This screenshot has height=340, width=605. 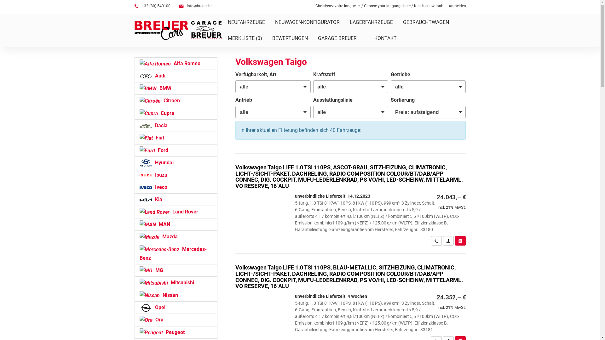 I want to click on 'Iveco', so click(x=134, y=187).